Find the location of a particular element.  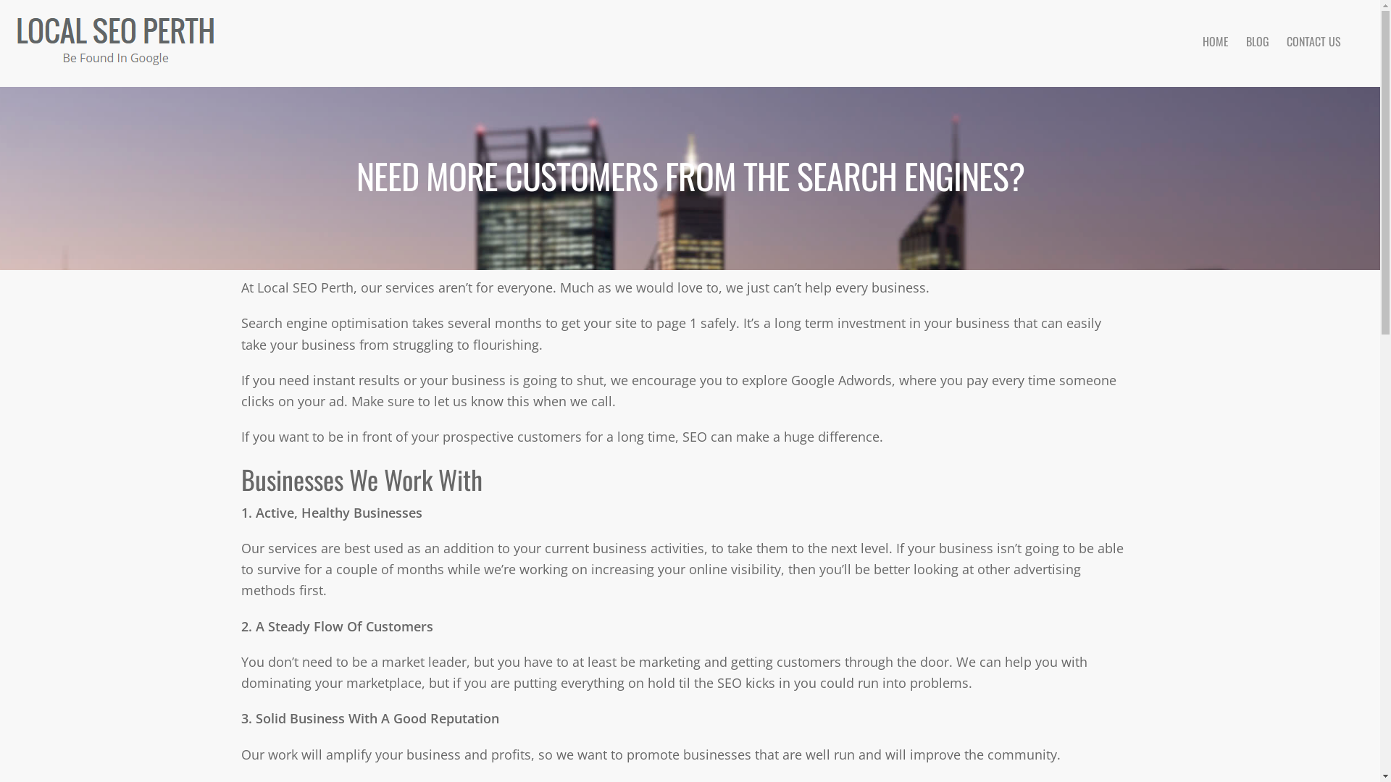

'BLOG' is located at coordinates (1237, 41).